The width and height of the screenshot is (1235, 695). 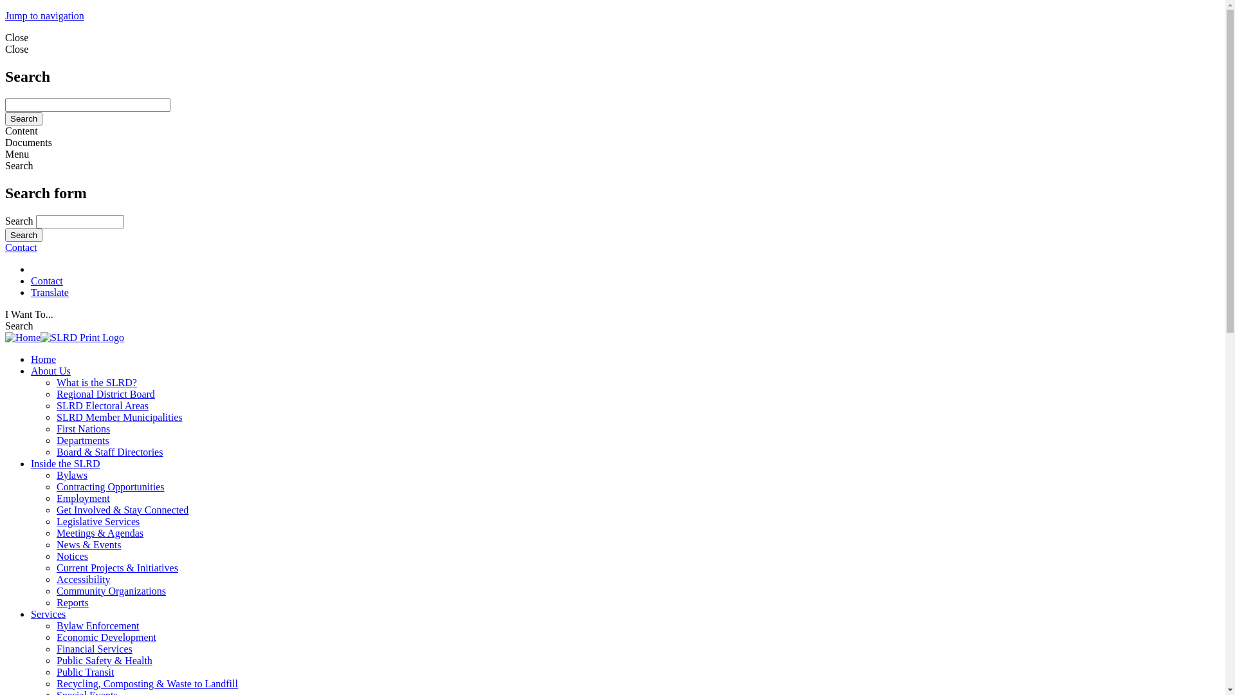 What do you see at coordinates (105, 393) in the screenshot?
I see `'Regional District Board'` at bounding box center [105, 393].